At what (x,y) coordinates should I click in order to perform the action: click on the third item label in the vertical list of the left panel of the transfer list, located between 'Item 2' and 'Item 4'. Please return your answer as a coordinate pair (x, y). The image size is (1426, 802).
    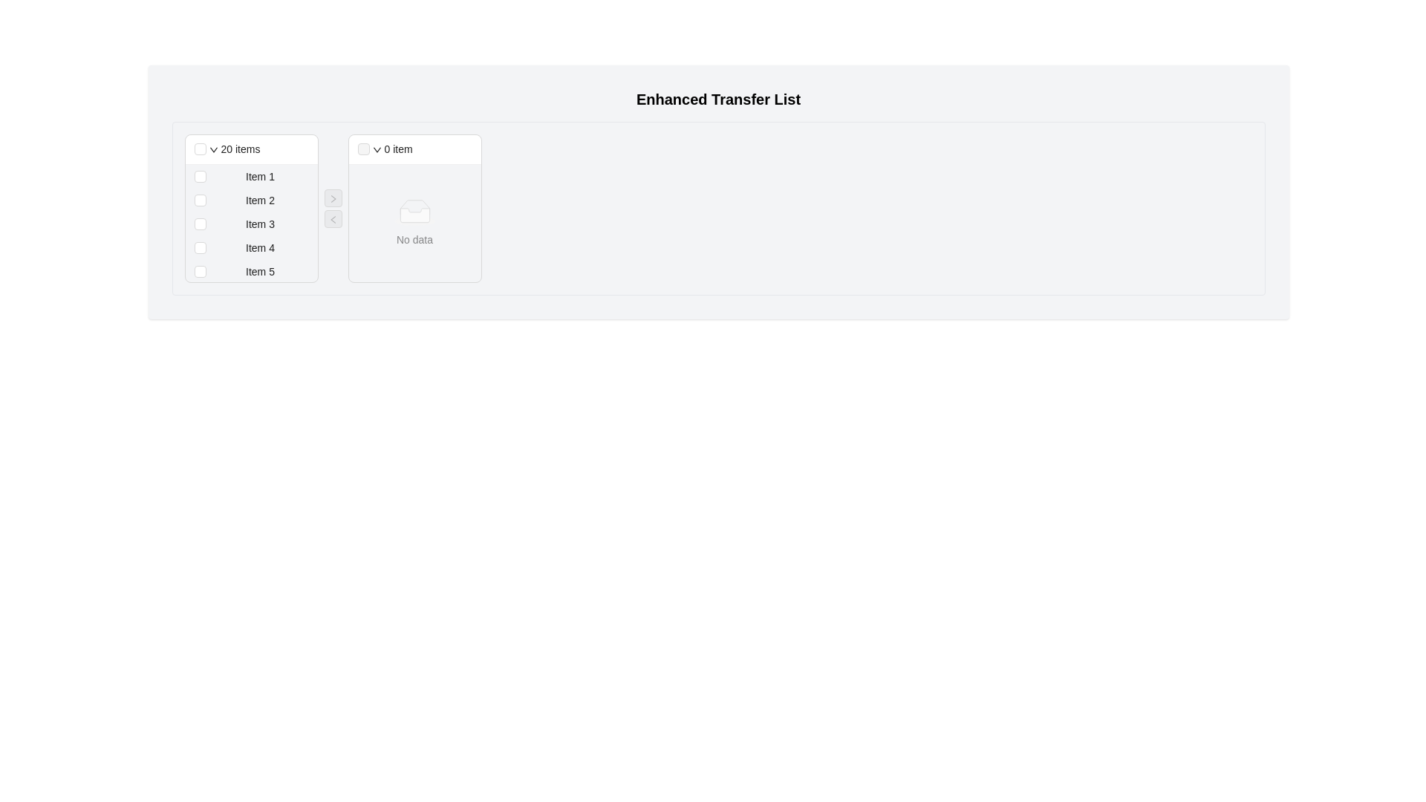
    Looking at the image, I should click on (260, 224).